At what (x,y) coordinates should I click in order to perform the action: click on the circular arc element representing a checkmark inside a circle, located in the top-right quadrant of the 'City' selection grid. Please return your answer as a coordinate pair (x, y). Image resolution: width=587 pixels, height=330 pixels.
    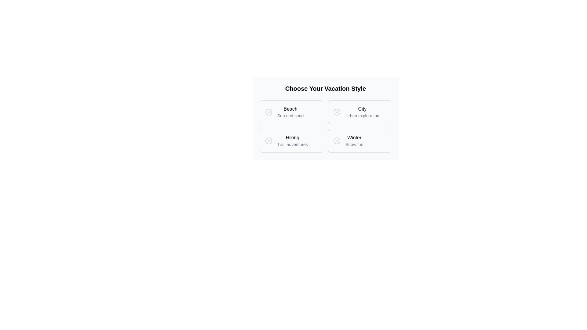
    Looking at the image, I should click on (337, 112).